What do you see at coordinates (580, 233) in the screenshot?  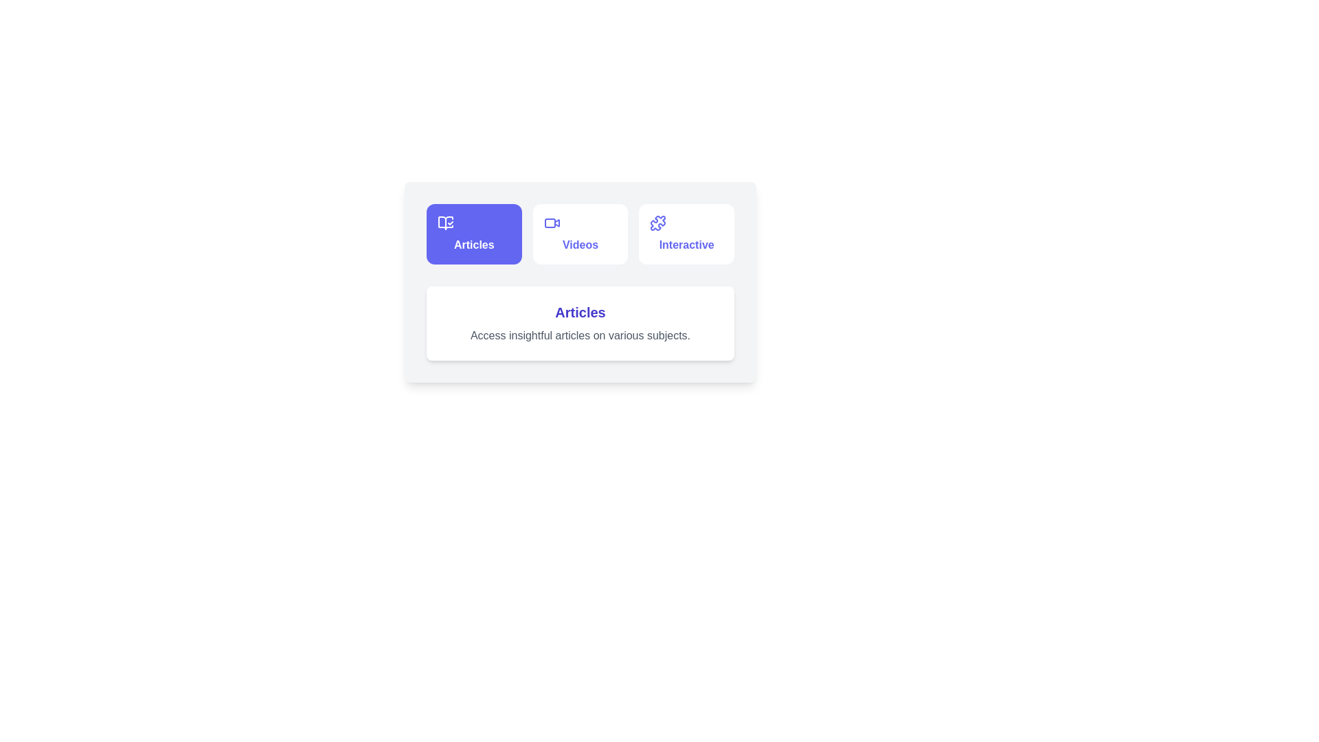 I see `the Videos tab to view its content` at bounding box center [580, 233].